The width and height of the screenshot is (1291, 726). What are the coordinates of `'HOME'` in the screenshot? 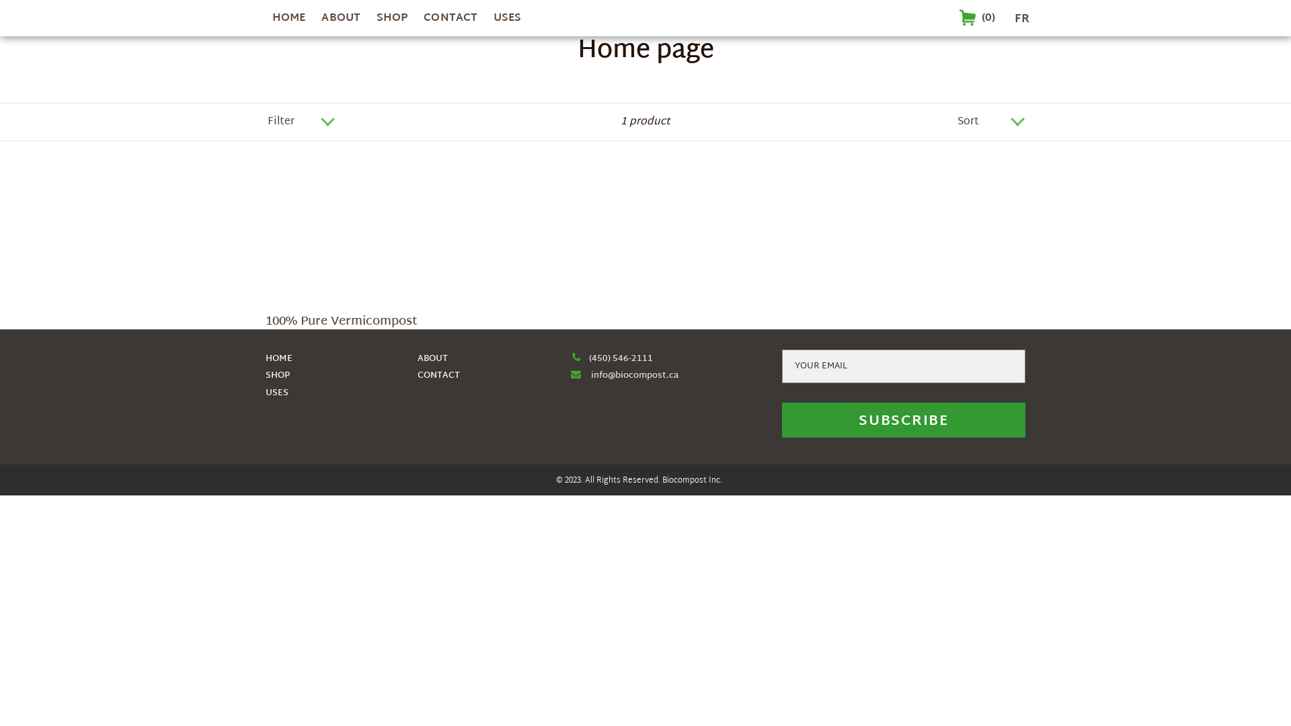 It's located at (278, 358).